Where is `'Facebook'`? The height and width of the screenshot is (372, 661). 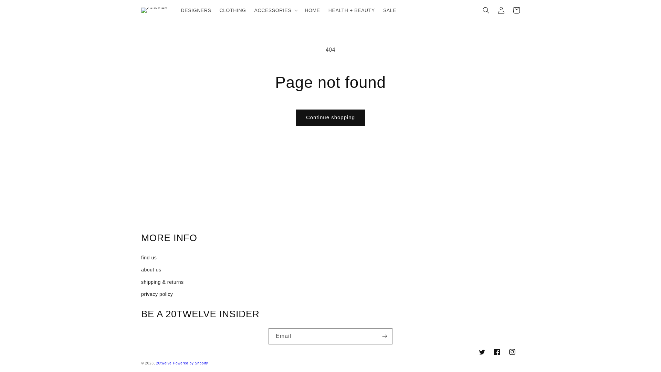 'Facebook' is located at coordinates (489, 352).